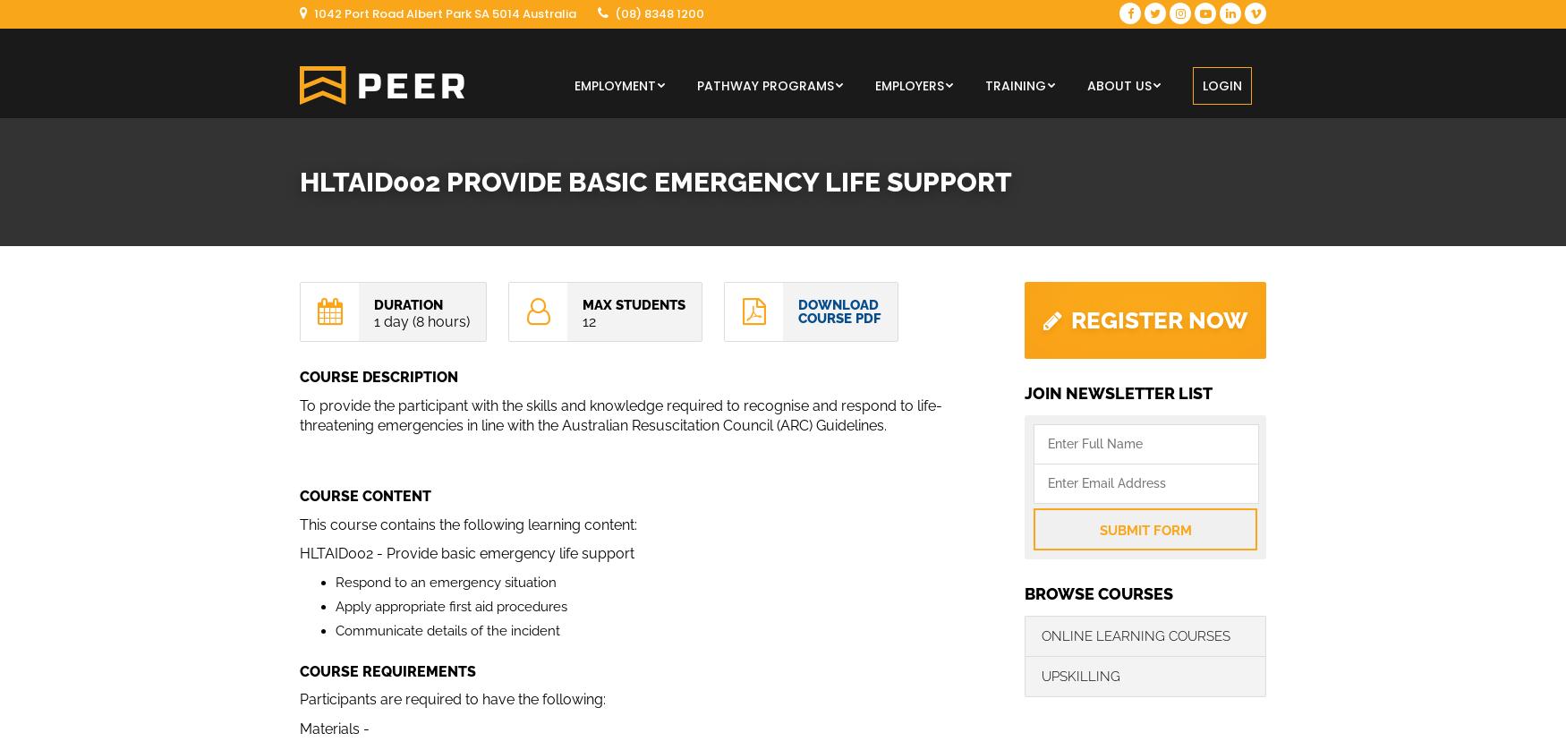  Describe the element at coordinates (1135, 635) in the screenshot. I see `'Online Learning Courses'` at that location.